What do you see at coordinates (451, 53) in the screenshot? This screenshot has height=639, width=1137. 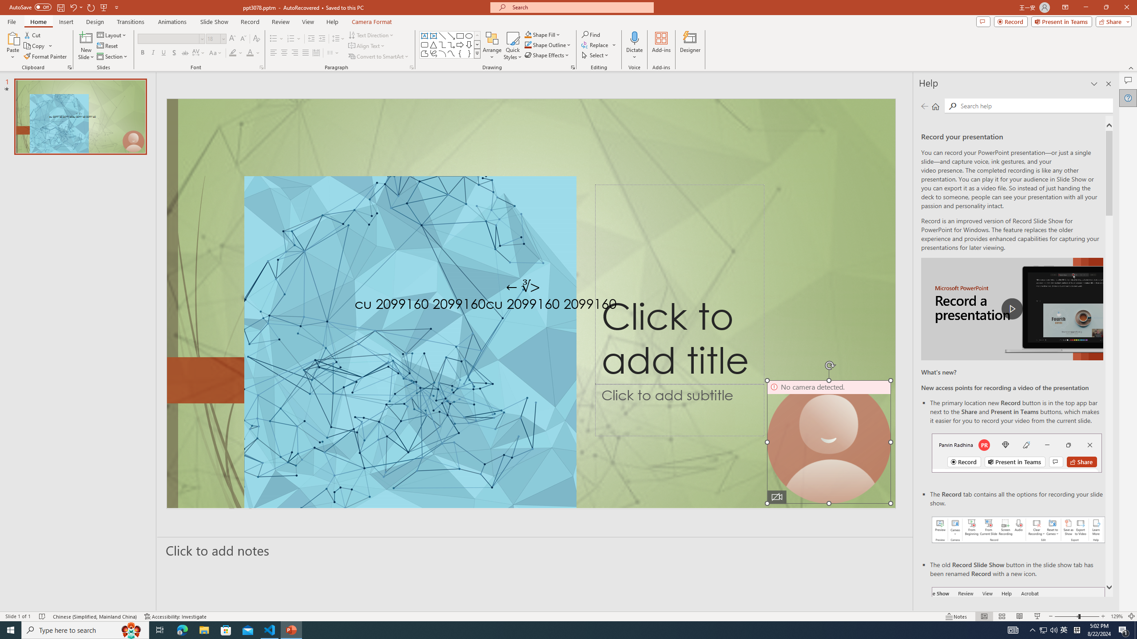 I see `'Curve'` at bounding box center [451, 53].